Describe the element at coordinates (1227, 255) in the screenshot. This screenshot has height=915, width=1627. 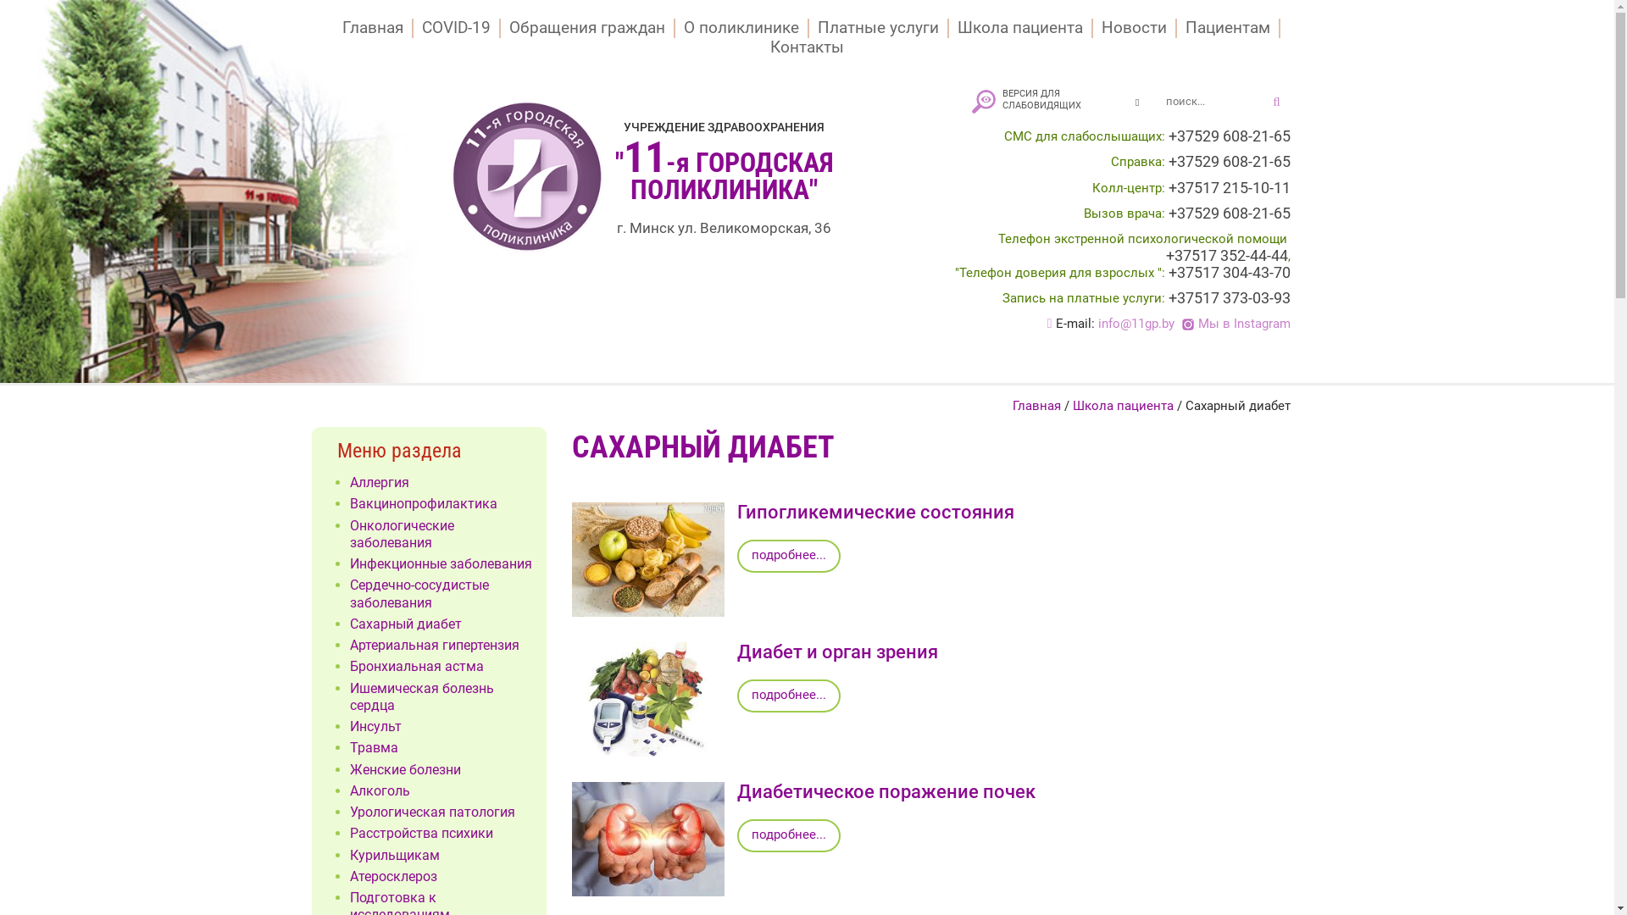
I see `'+37517 352-44-44'` at that location.